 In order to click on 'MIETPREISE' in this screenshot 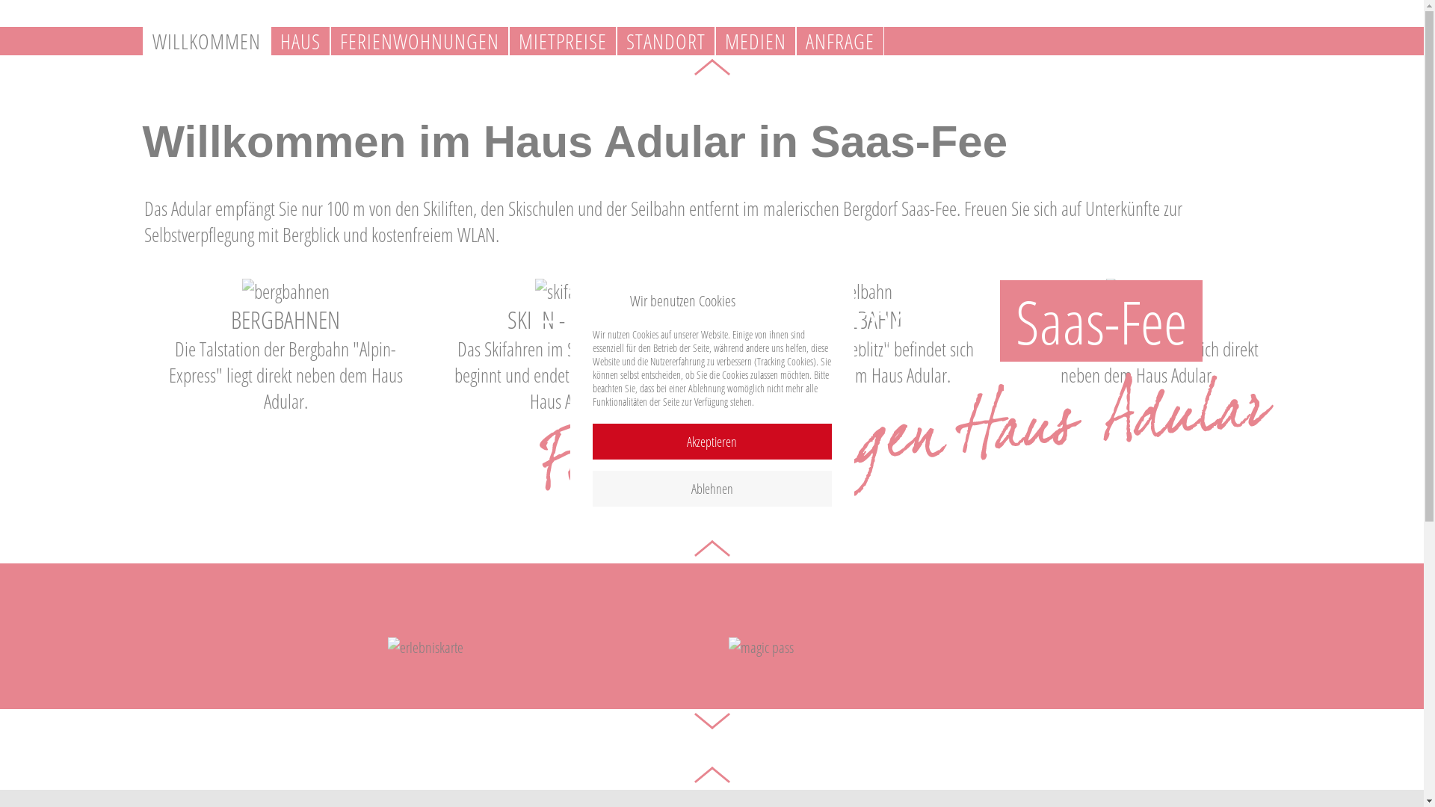, I will do `click(561, 40)`.